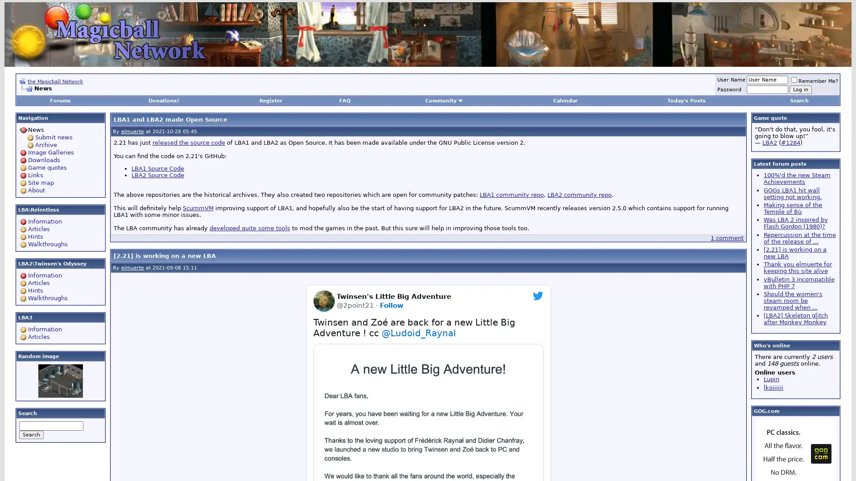  What do you see at coordinates (31, 434) in the screenshot?
I see `Search` at bounding box center [31, 434].